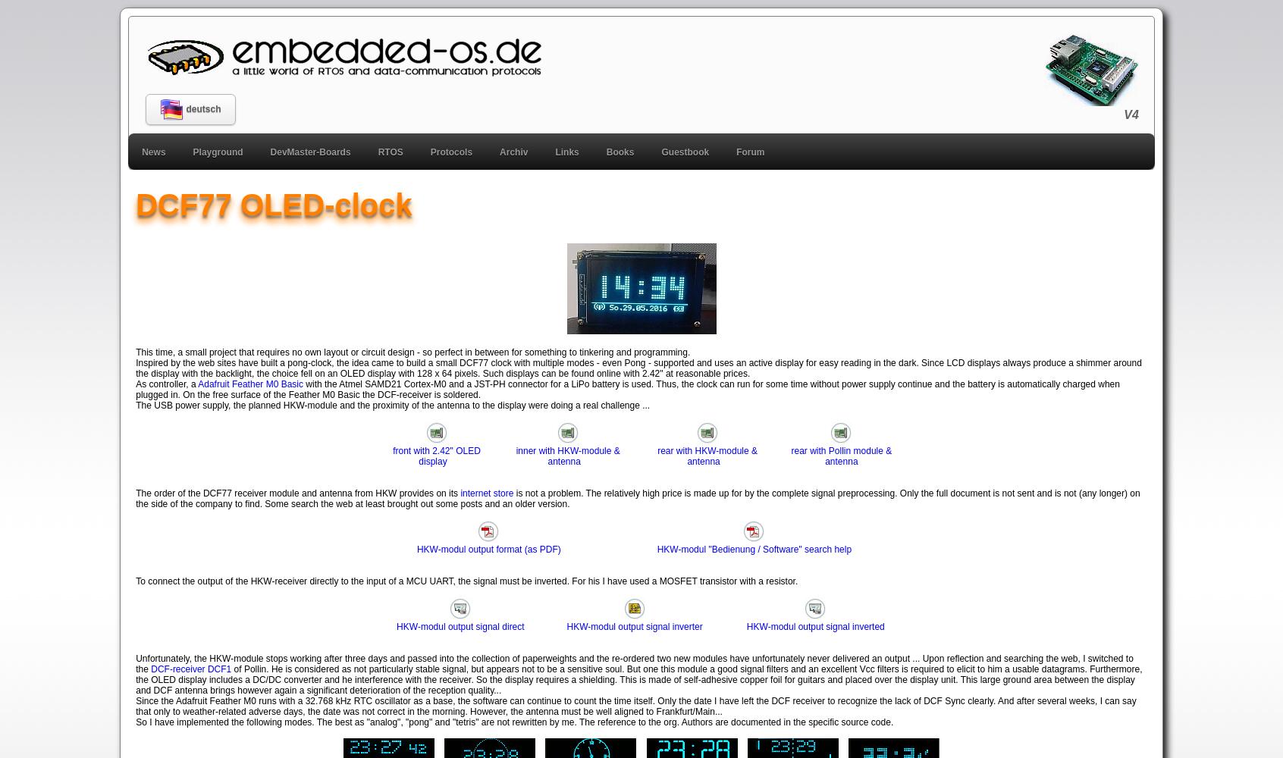 Image resolution: width=1283 pixels, height=758 pixels. Describe the element at coordinates (152, 151) in the screenshot. I see `'News'` at that location.